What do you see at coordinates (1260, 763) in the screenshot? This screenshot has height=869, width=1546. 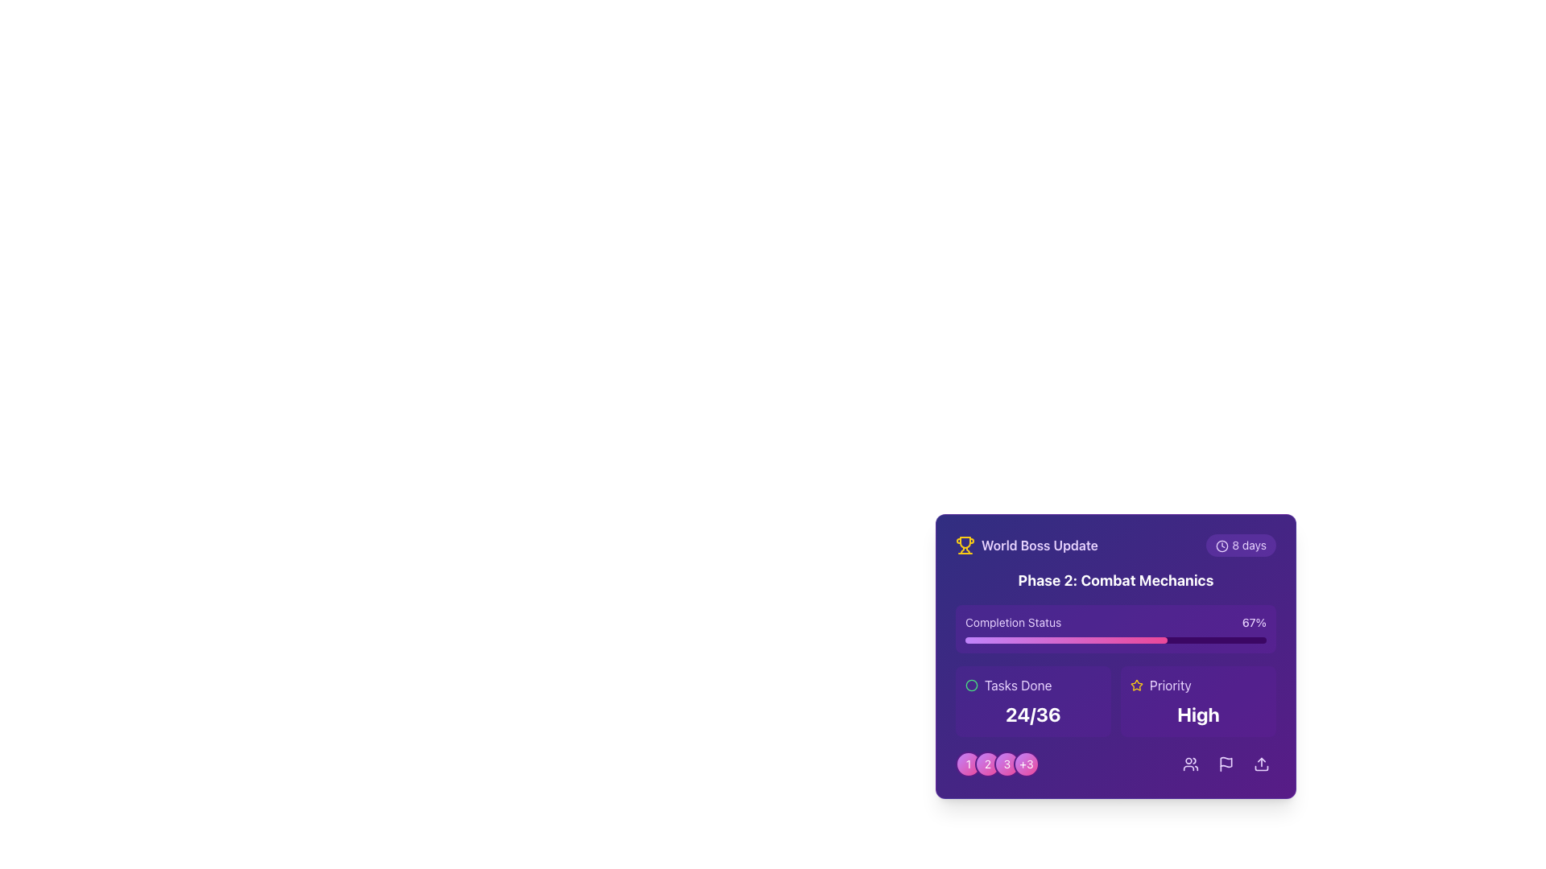 I see `the upload button located at the bottom-right corner of the card interface to initiate an upload action` at bounding box center [1260, 763].